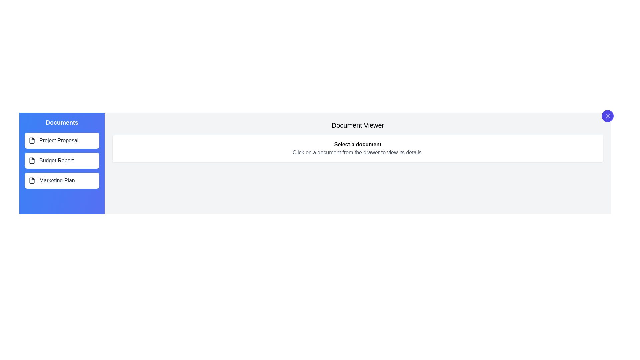  I want to click on top-right button to toggle the drawer's visibility, so click(608, 115).